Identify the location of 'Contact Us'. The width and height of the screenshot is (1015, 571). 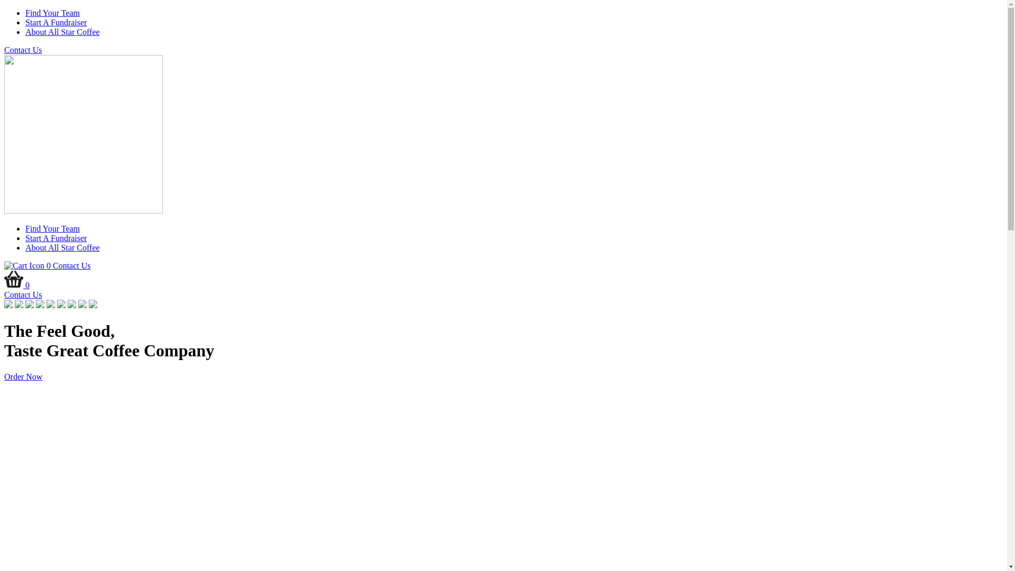
(4, 294).